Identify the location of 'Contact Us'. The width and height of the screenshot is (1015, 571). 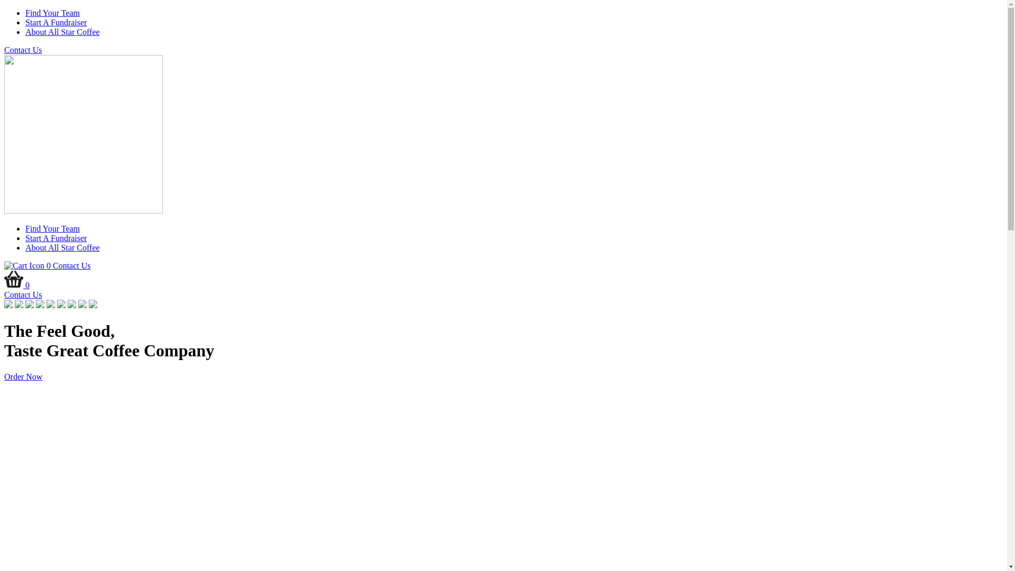
(4, 294).